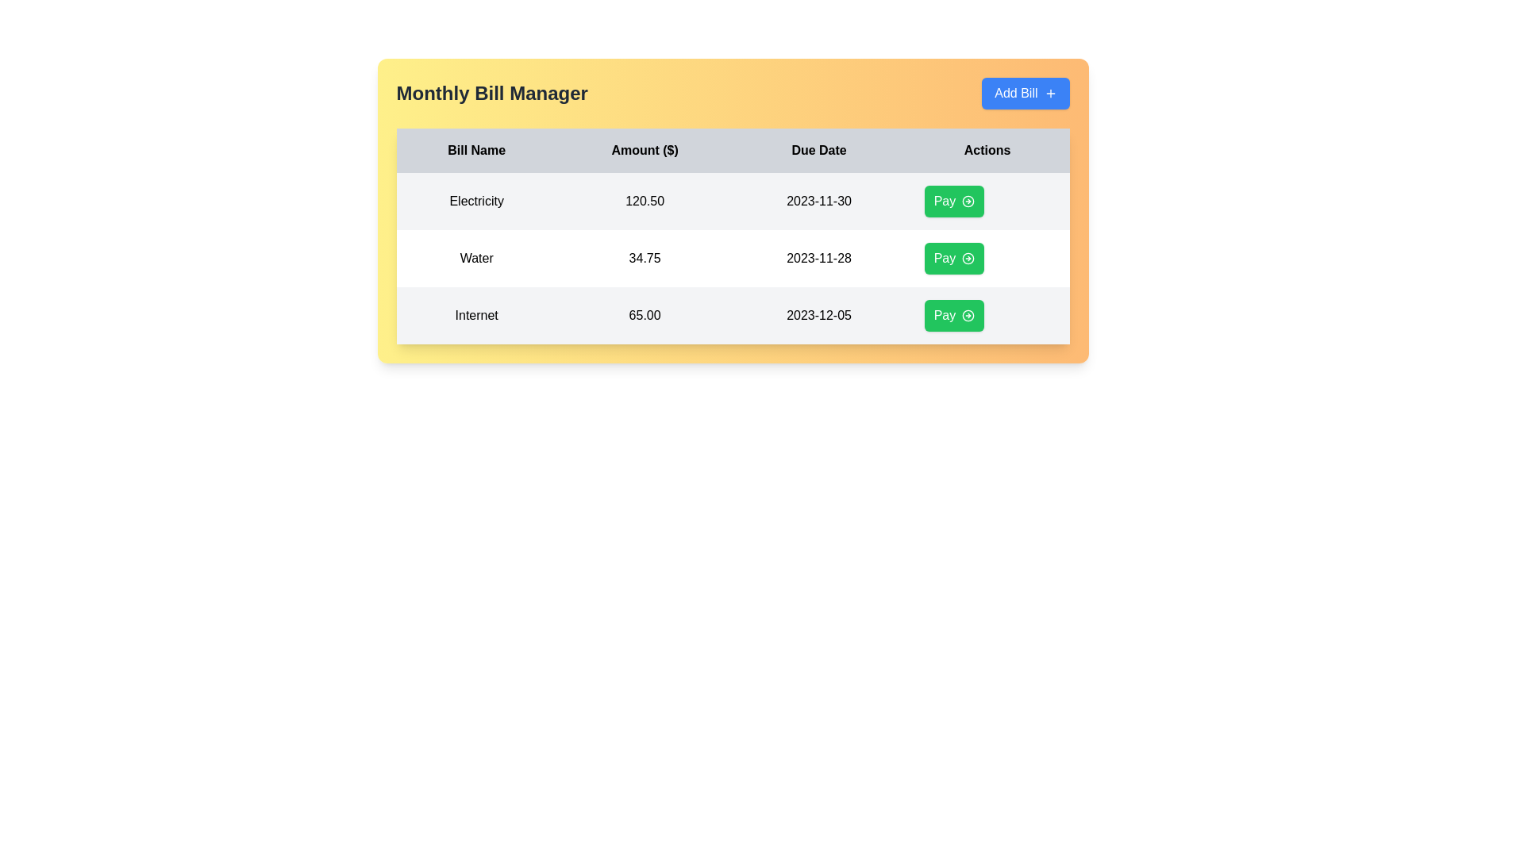  What do you see at coordinates (953, 201) in the screenshot?
I see `the green 'Pay' button located in the 'Actions' column of the first row, adjacent` at bounding box center [953, 201].